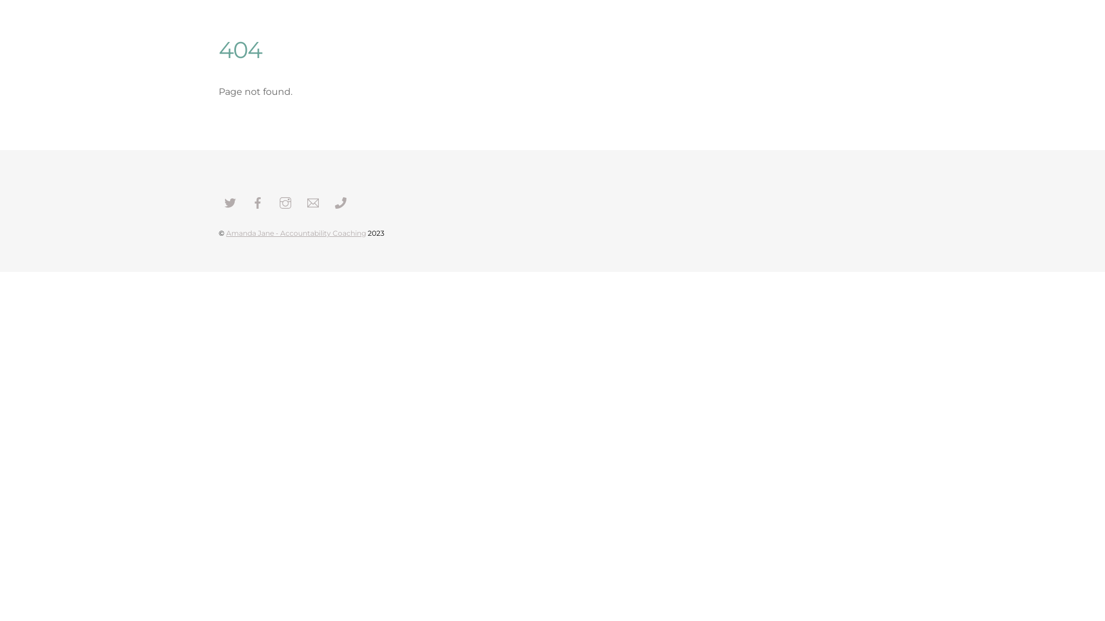 The image size is (1105, 621). What do you see at coordinates (296, 233) in the screenshot?
I see `'Amanda Jane - Accountability Coaching'` at bounding box center [296, 233].